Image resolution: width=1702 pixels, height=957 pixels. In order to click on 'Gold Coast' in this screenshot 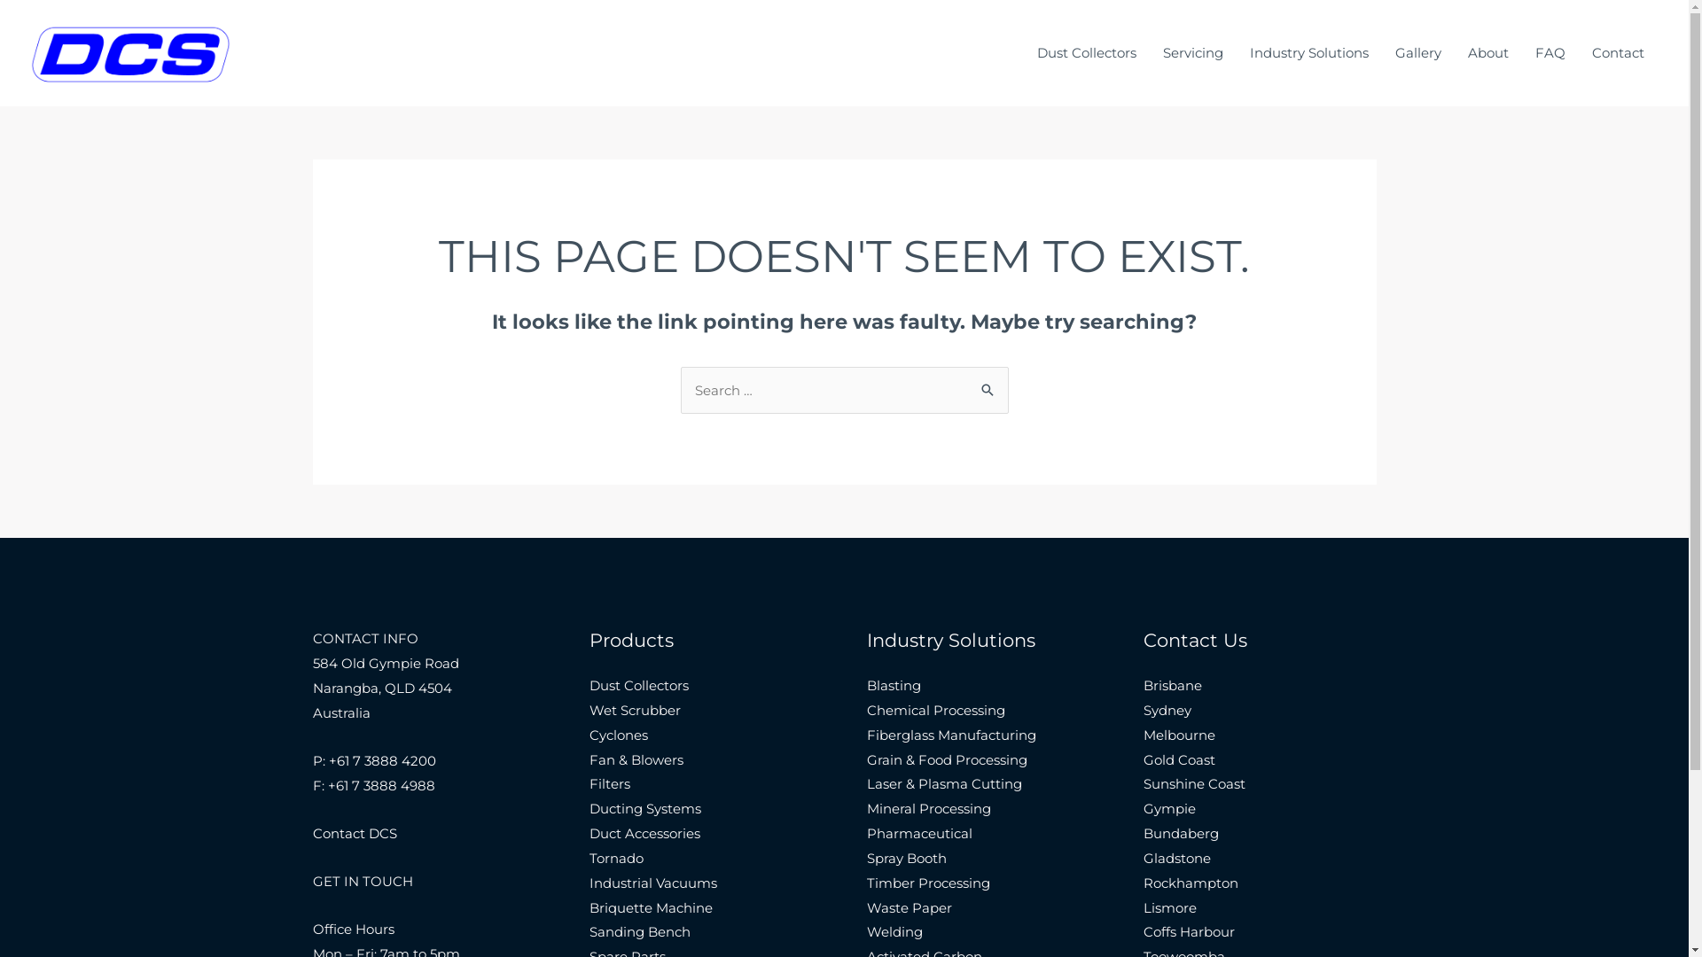, I will do `click(1179, 759)`.